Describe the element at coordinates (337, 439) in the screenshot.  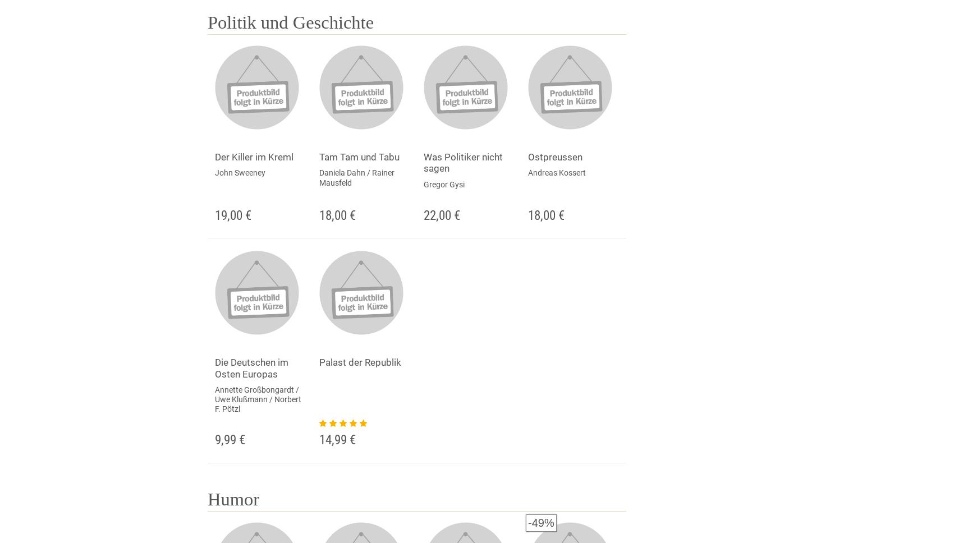
I see `'14,99 €'` at that location.